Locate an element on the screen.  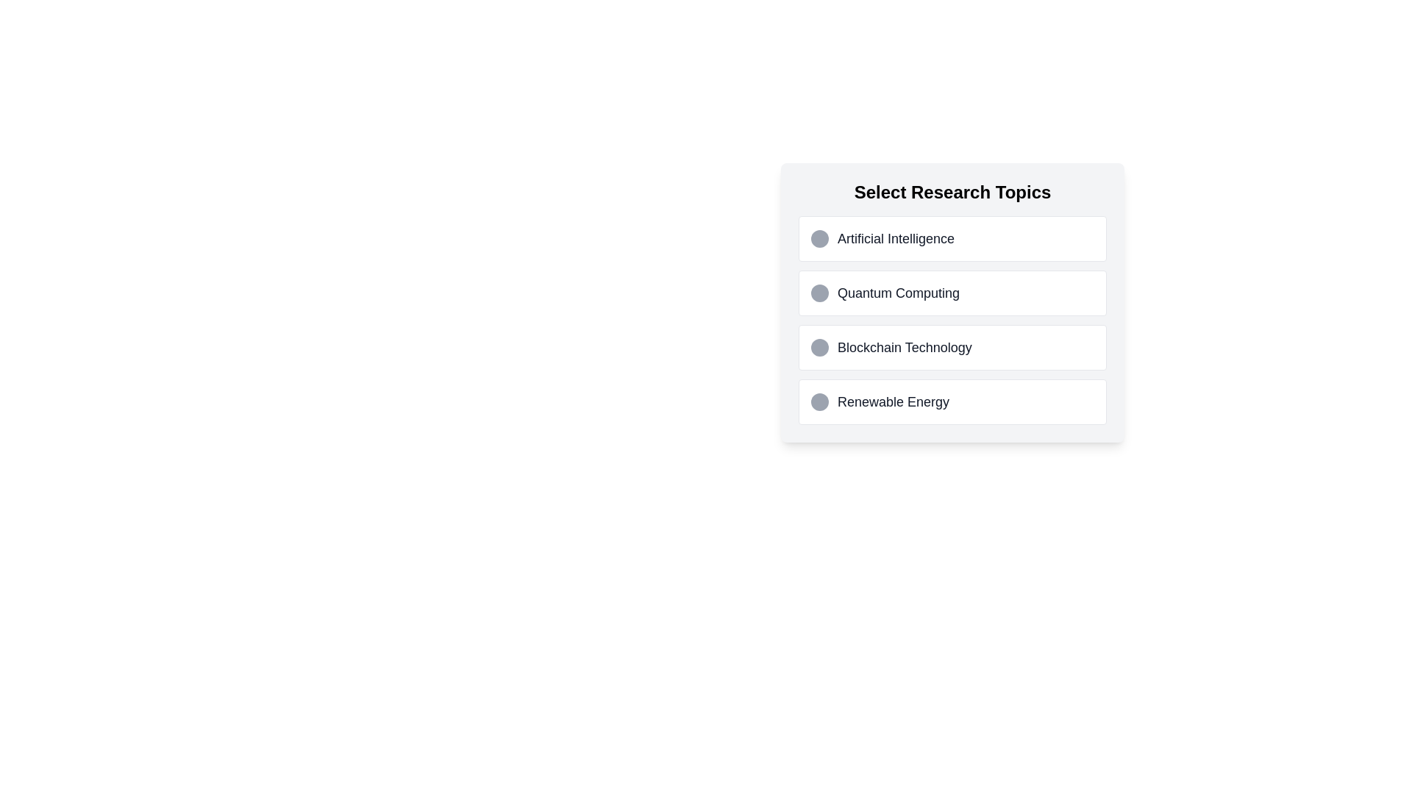
the circular icon of the third option in the 'Select Research Topics' list is located at coordinates (891, 348).